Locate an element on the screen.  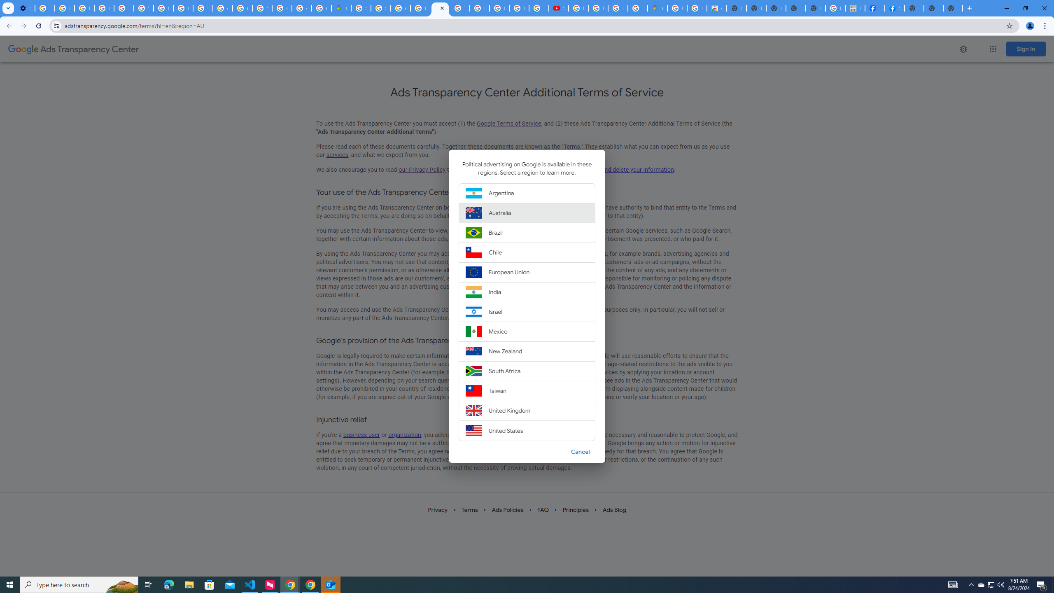
'Sign in - Google Accounts' is located at coordinates (361, 8).